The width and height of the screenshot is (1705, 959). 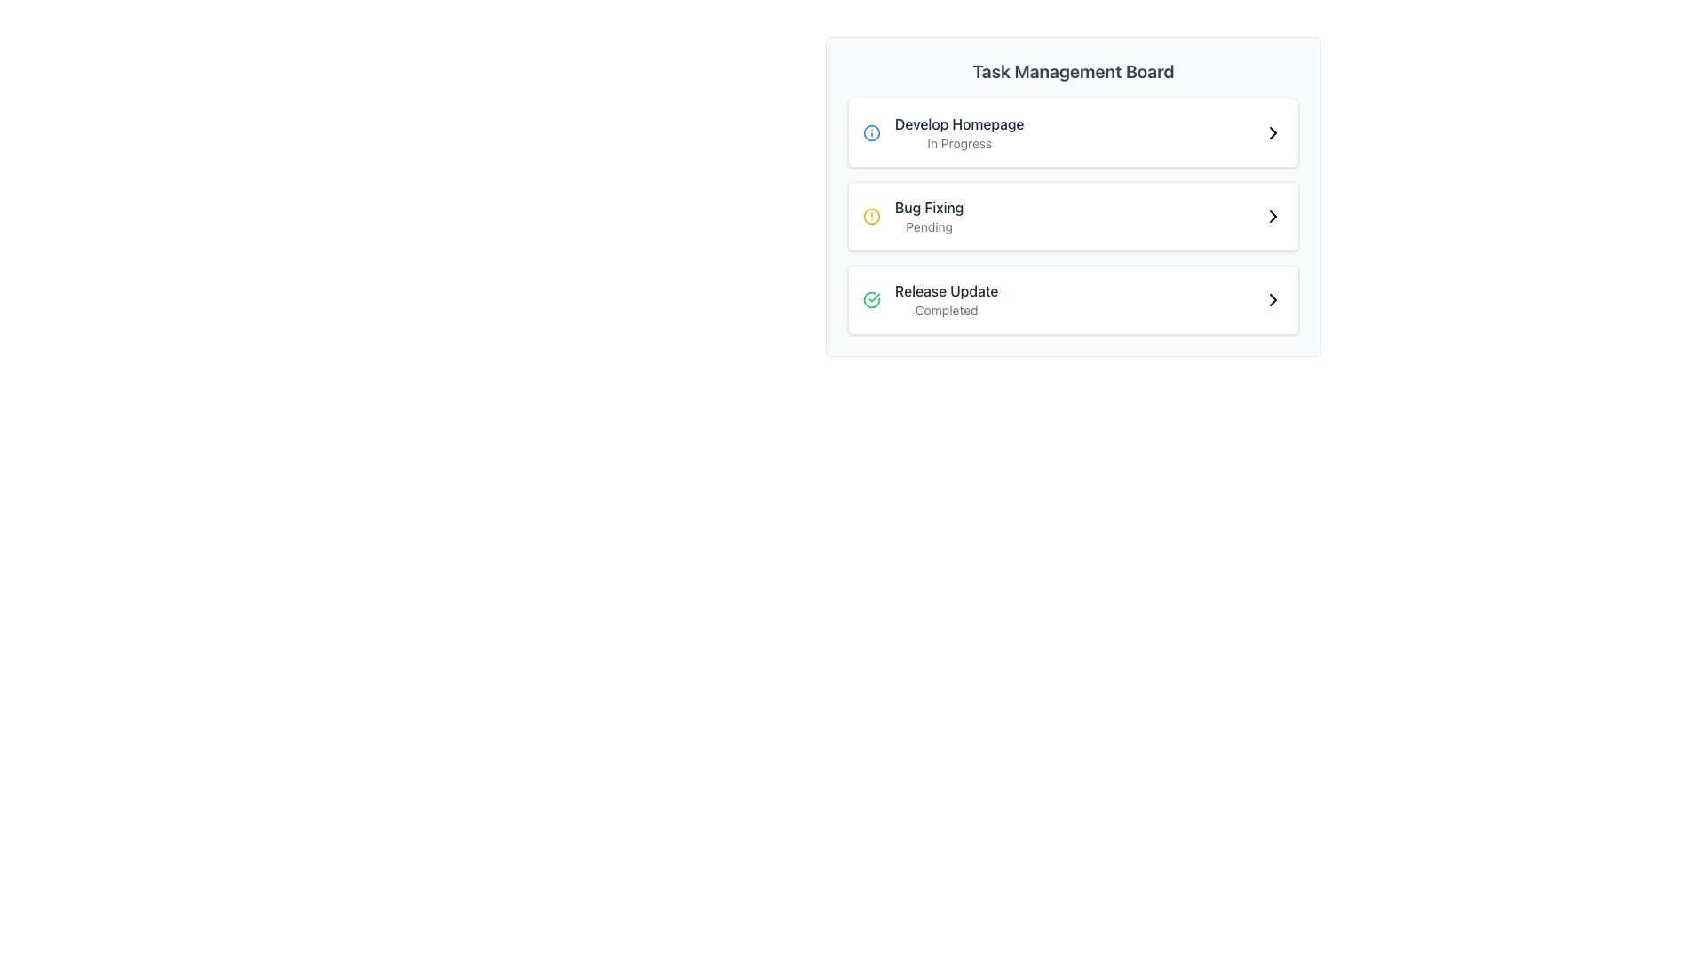 What do you see at coordinates (1273, 215) in the screenshot?
I see `the triangular-shaped right arrow icon in the 'Bug Fixing' task list row, which is styled with a minimalist black outline` at bounding box center [1273, 215].